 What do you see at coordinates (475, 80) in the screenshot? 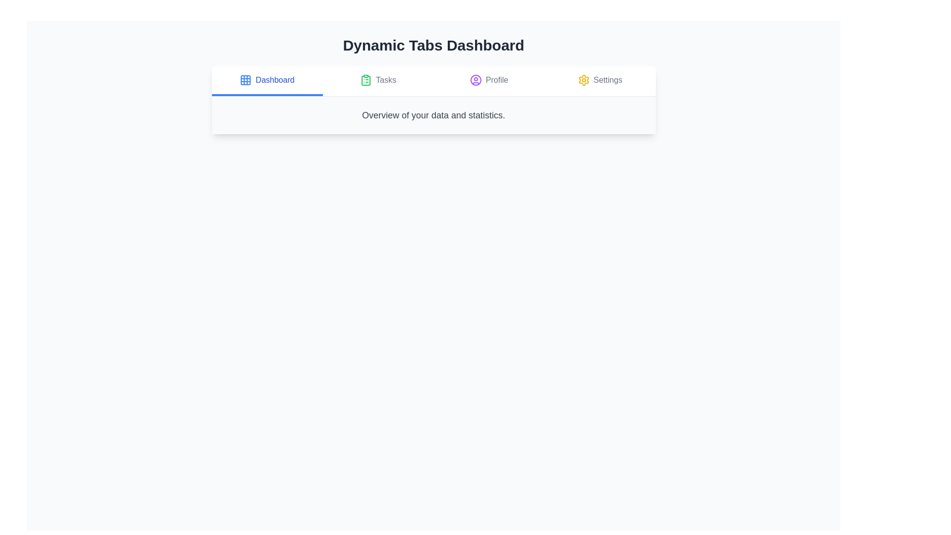
I see `the 'Profile' icon in the navigation bar, which is positioned above the text 'Profile' and located between the 'Tasks' and 'Settings' tabs` at bounding box center [475, 80].